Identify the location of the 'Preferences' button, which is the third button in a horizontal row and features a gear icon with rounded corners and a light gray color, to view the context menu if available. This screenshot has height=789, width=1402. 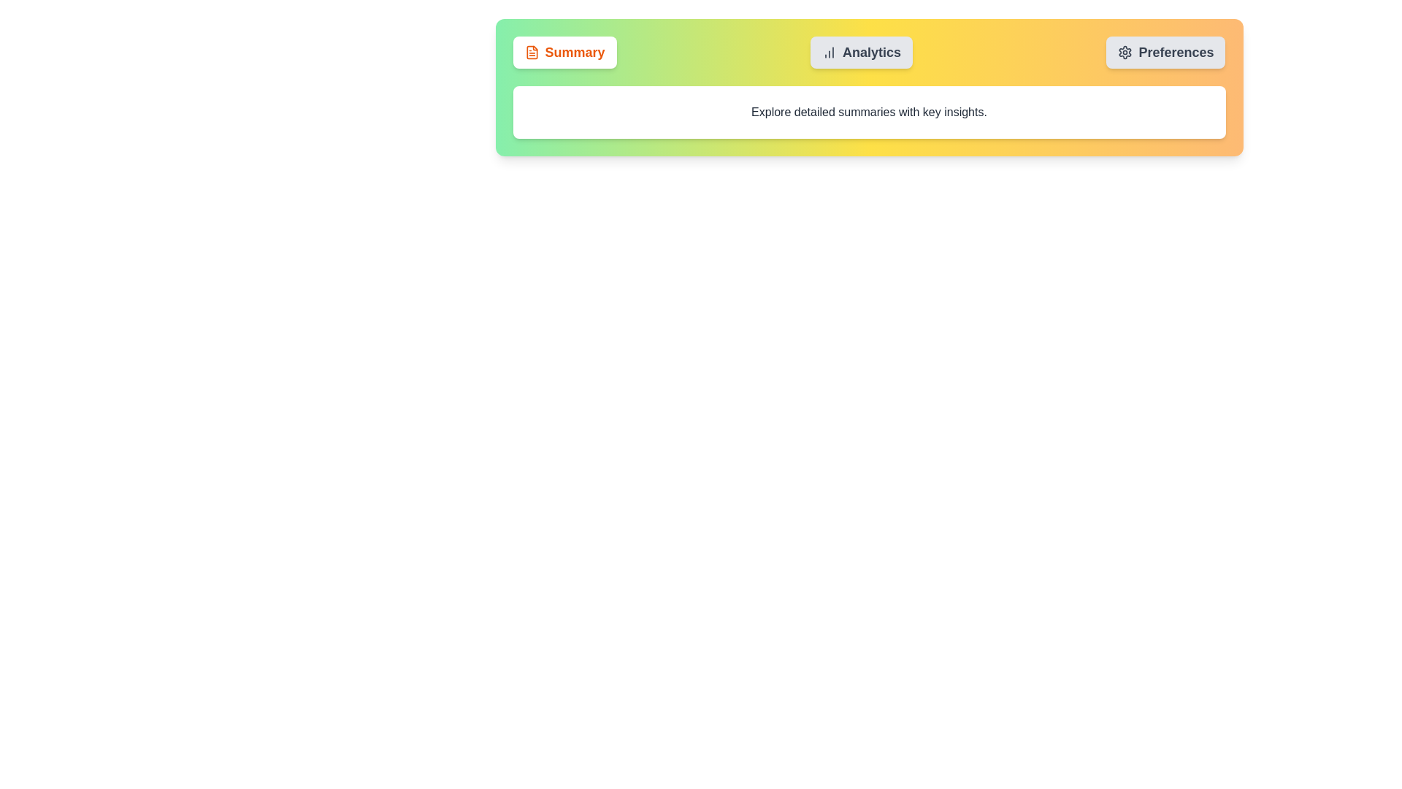
(1165, 52).